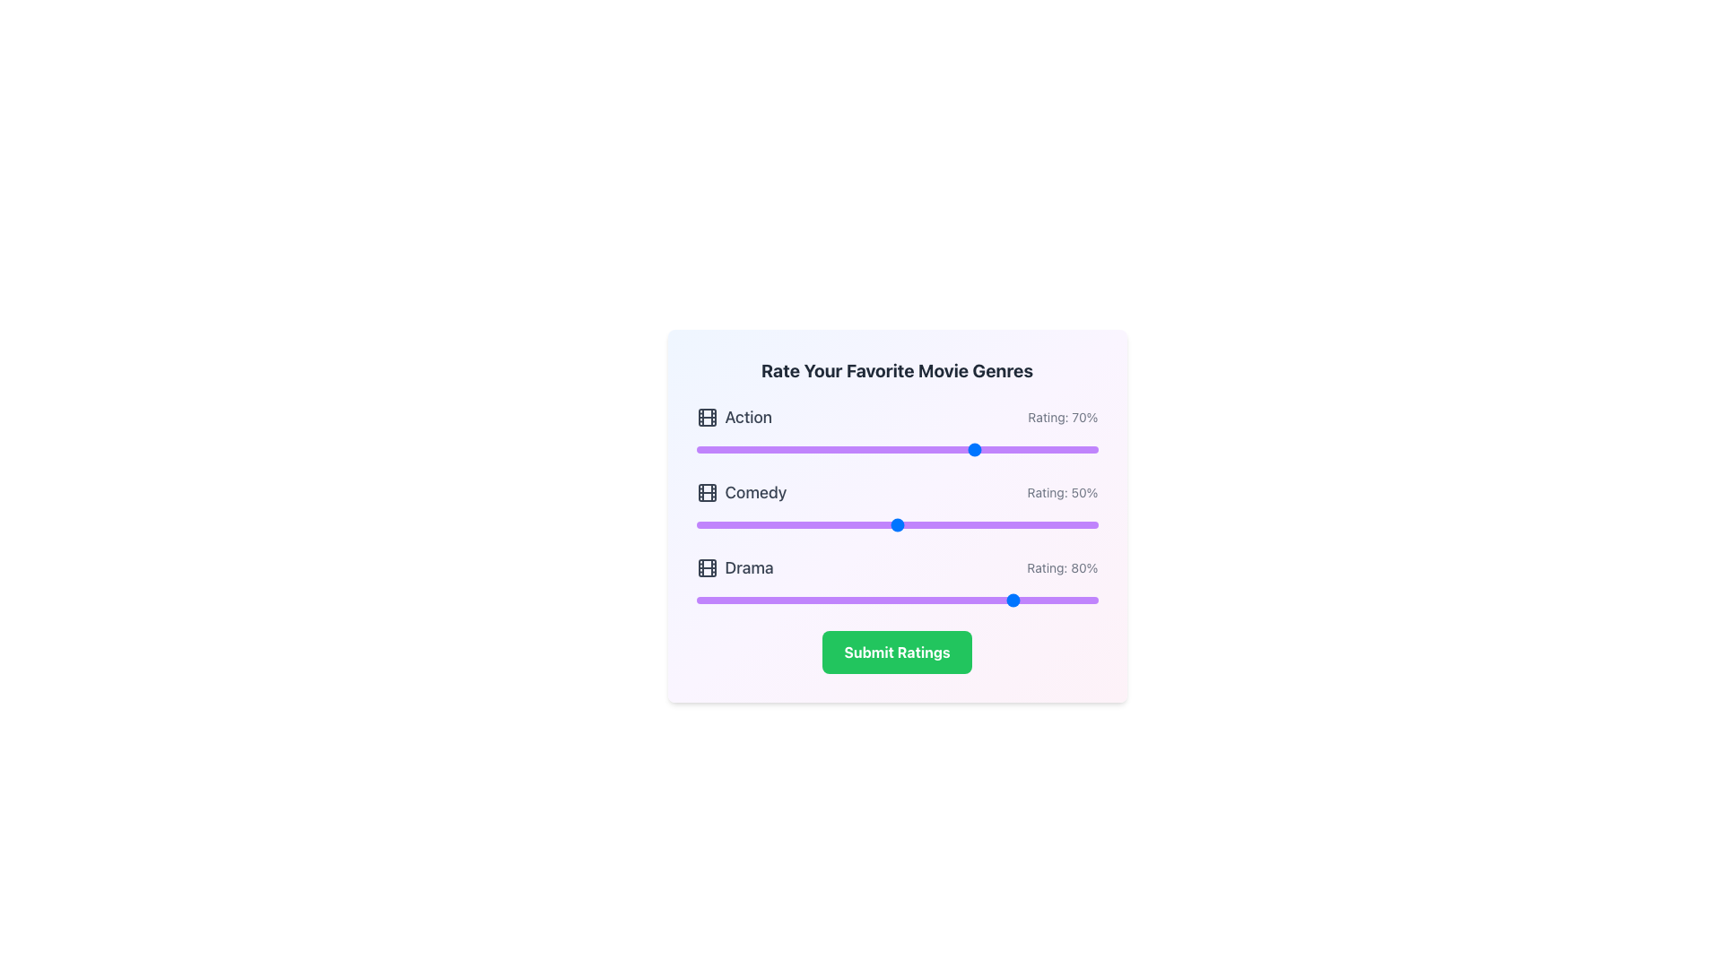 The height and width of the screenshot is (968, 1722). Describe the element at coordinates (706, 567) in the screenshot. I see `the 'Drama' genre icon, which is visually represented and located immediately to the left of the text 'Drama' in the third row of movie genres` at that location.